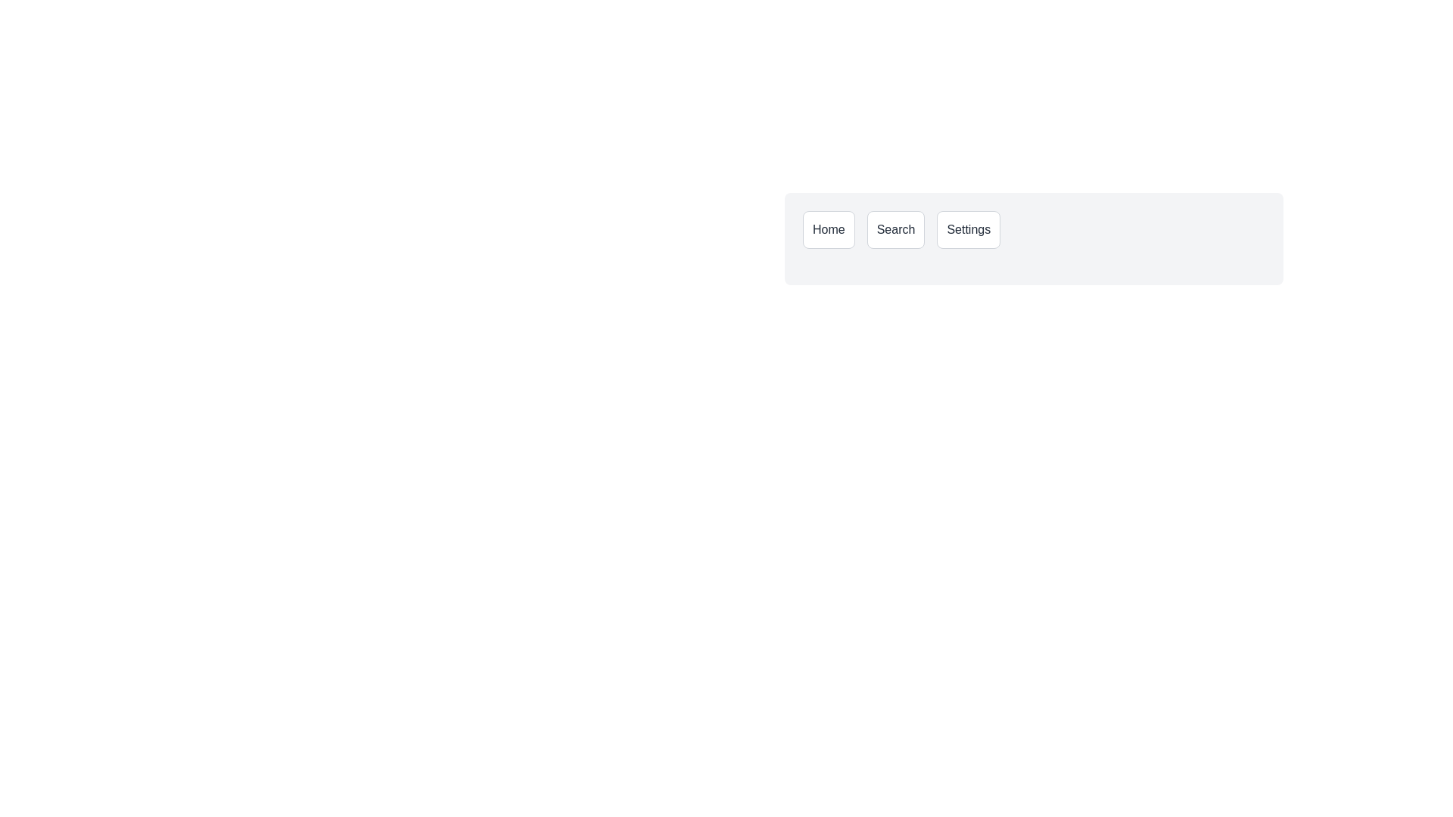  I want to click on the 'Search' button, which is the second button in a horizontal set of three buttons labeled 'Home', 'Search', and 'Settings', to potentially display a tooltip or visual feedback, so click(896, 230).